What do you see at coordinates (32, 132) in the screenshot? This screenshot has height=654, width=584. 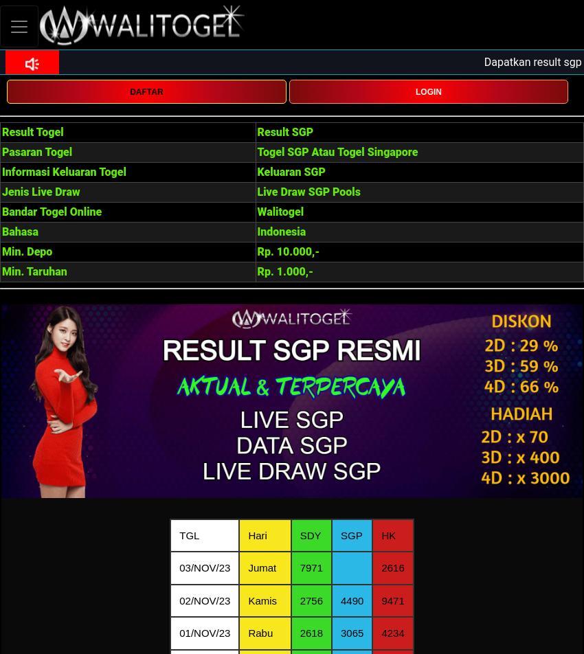 I see `'Result Togel'` at bounding box center [32, 132].